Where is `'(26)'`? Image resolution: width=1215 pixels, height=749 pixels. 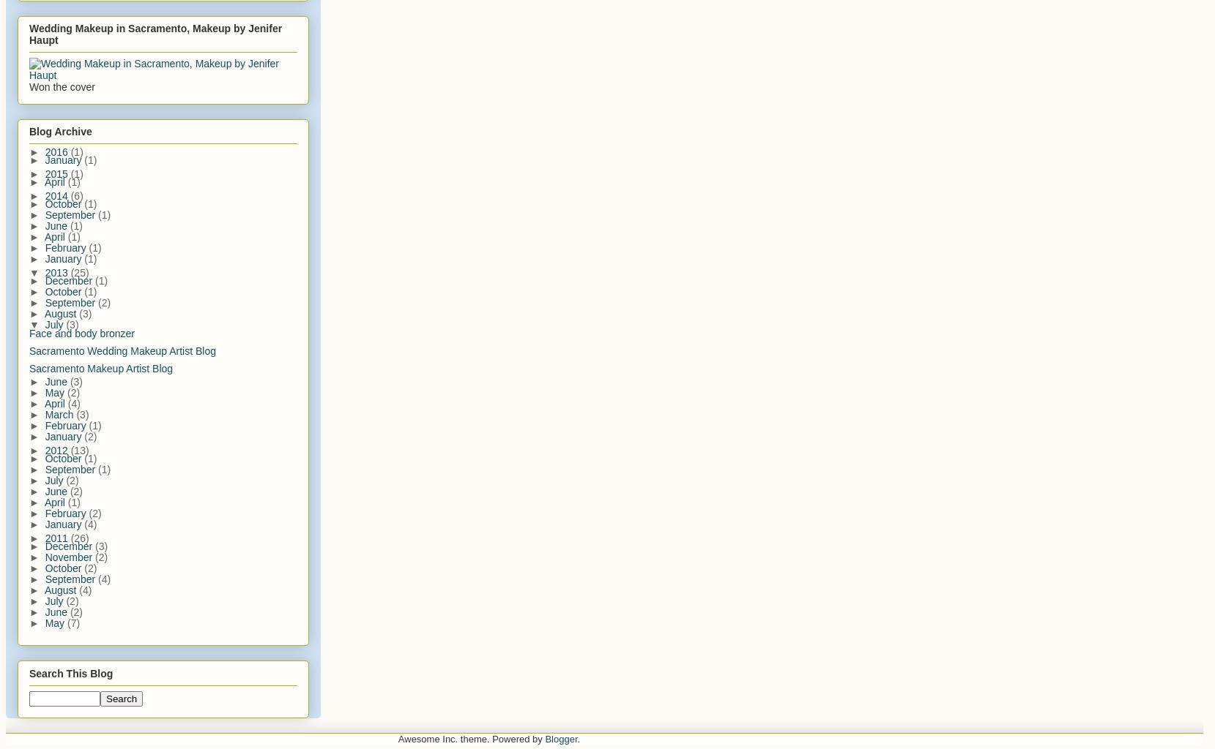
'(26)' is located at coordinates (78, 537).